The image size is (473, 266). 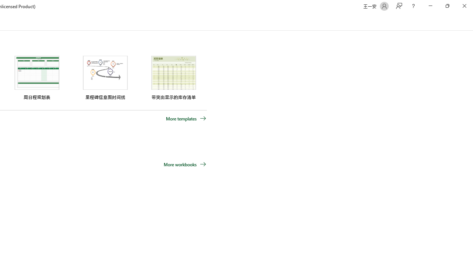 What do you see at coordinates (186, 118) in the screenshot?
I see `'More templates'` at bounding box center [186, 118].